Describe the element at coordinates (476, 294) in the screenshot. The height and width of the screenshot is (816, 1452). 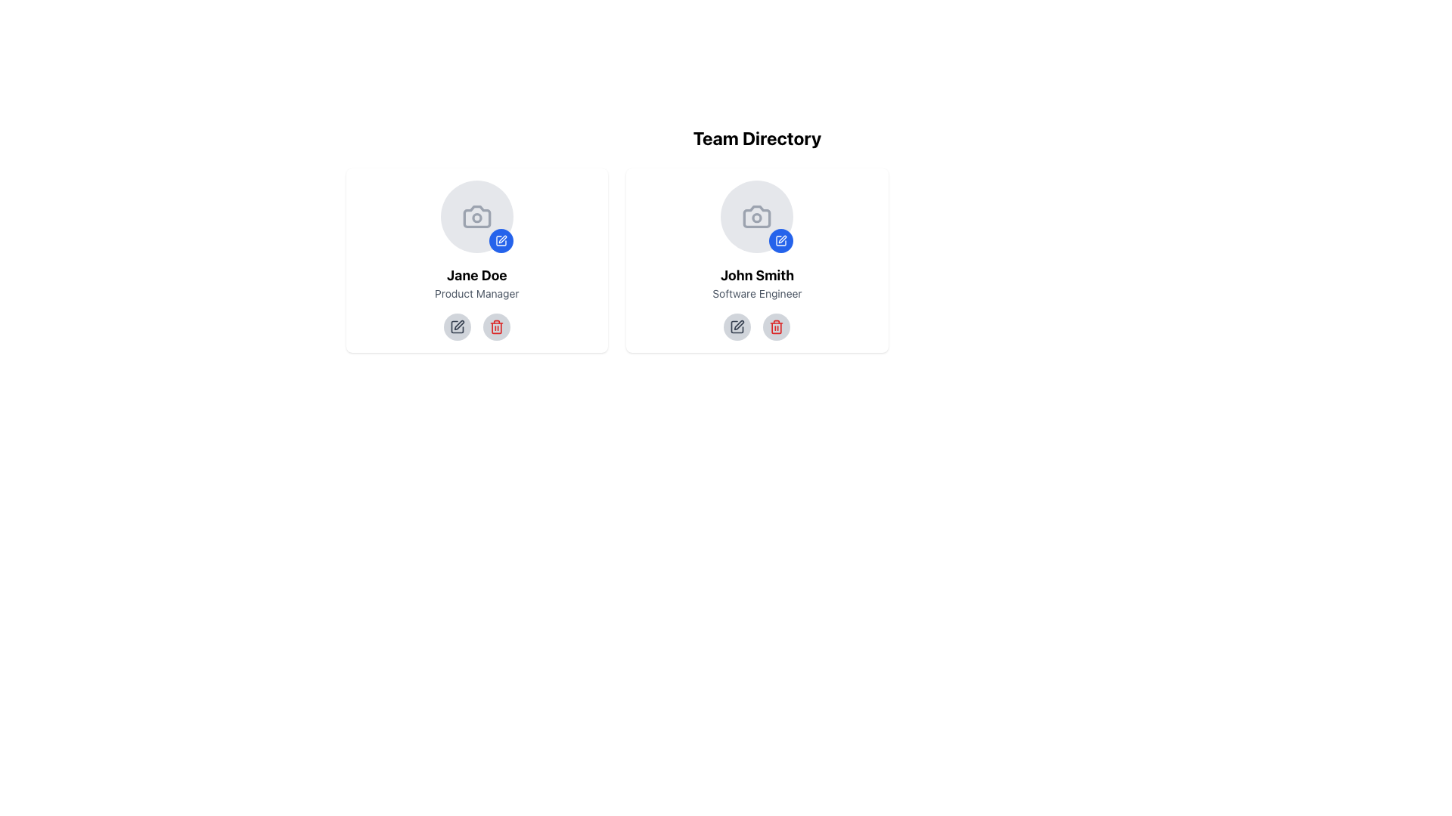
I see `the text label containing 'Product Manager', which is styled in gray and located beneath 'Jane Doe' within a card layout` at that location.